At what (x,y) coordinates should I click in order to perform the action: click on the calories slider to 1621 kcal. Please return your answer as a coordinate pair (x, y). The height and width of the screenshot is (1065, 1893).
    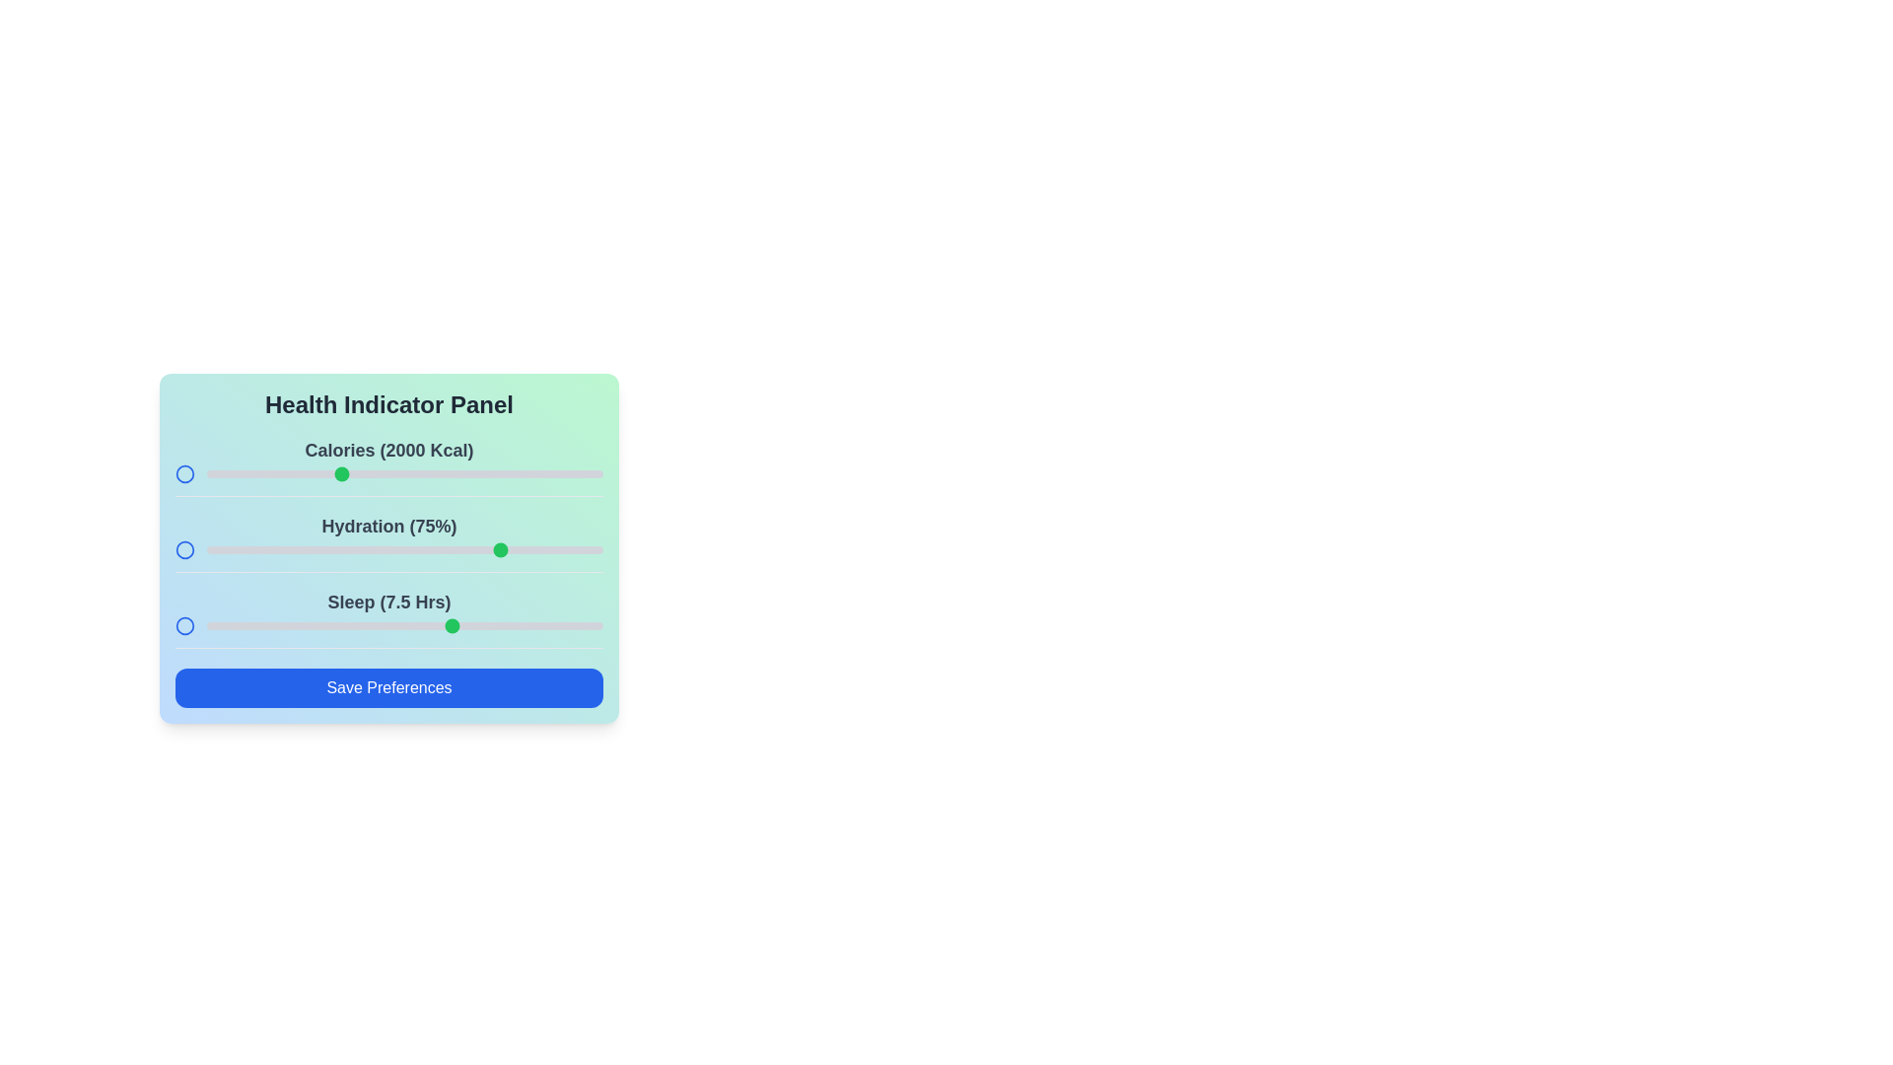
    Looking at the image, I should click on (238, 474).